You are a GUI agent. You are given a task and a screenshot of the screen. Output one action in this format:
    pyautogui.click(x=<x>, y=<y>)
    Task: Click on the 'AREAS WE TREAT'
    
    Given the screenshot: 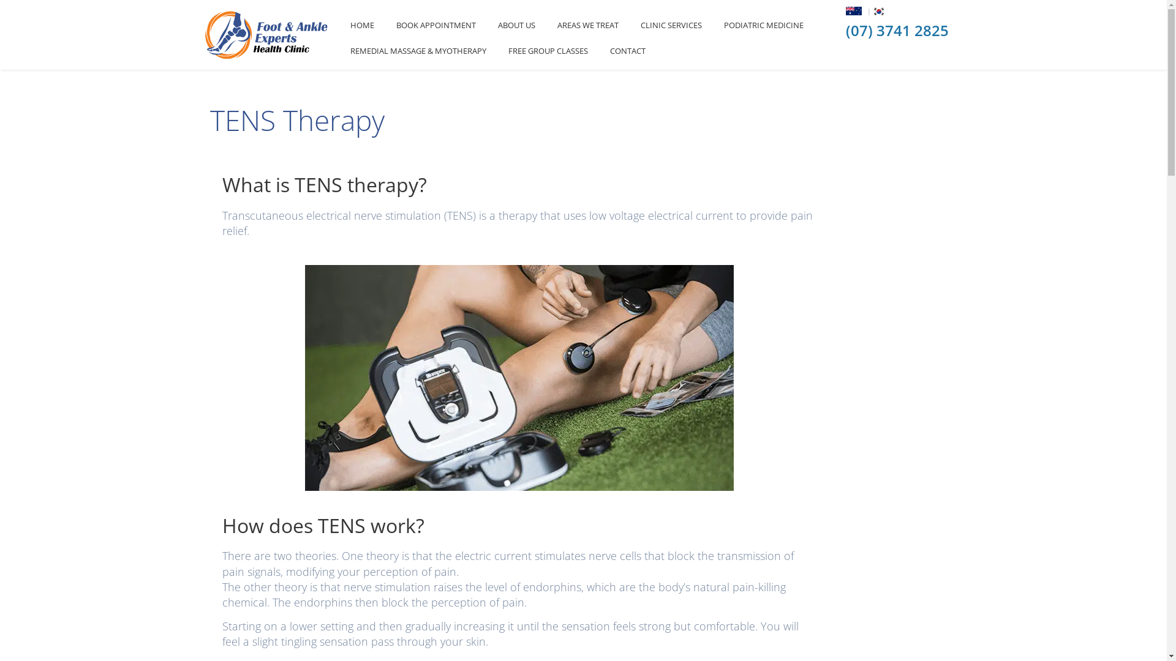 What is the action you would take?
    pyautogui.click(x=588, y=25)
    